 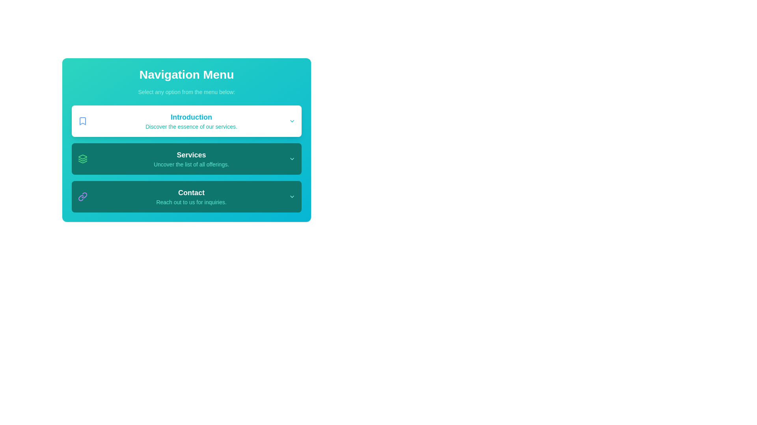 I want to click on the 'Services' button, which has a teal background, a green stack of layers icon on the left, and a light teal downward-pointing chevron arrow on the right, so click(x=186, y=159).